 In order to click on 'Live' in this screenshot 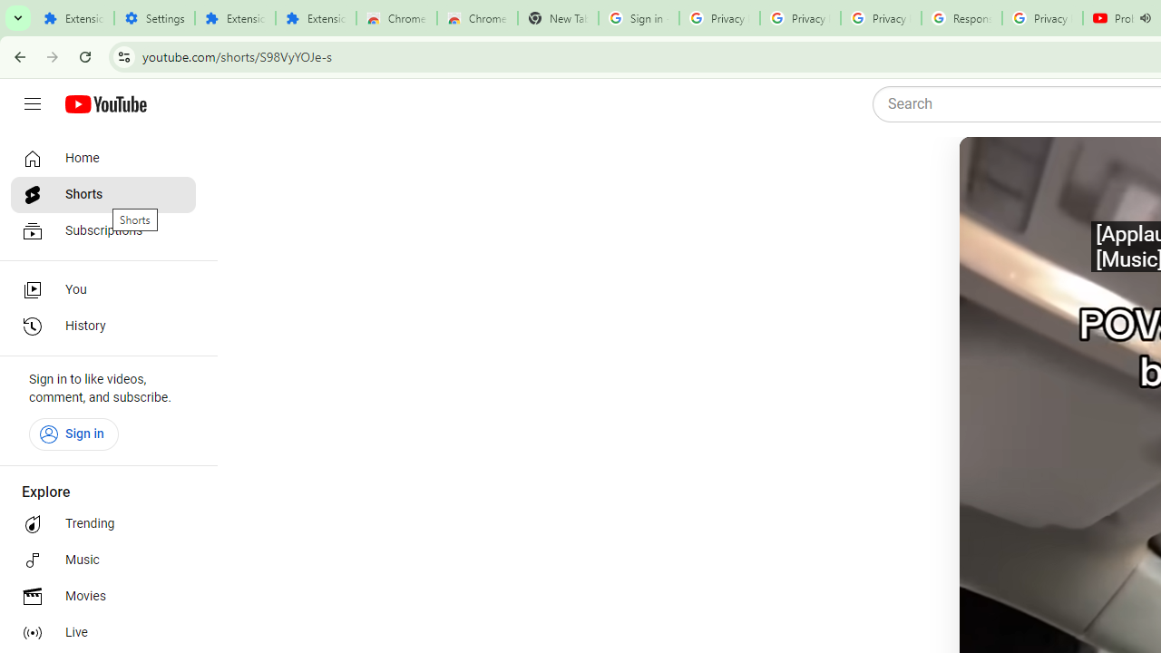, I will do `click(102, 632)`.